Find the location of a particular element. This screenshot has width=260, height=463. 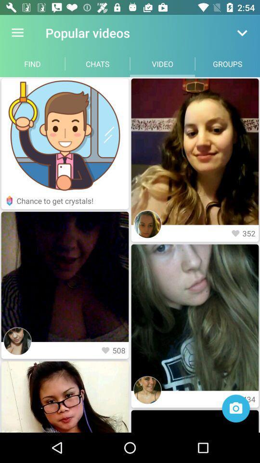

item next to the chats item is located at coordinates (32, 63).